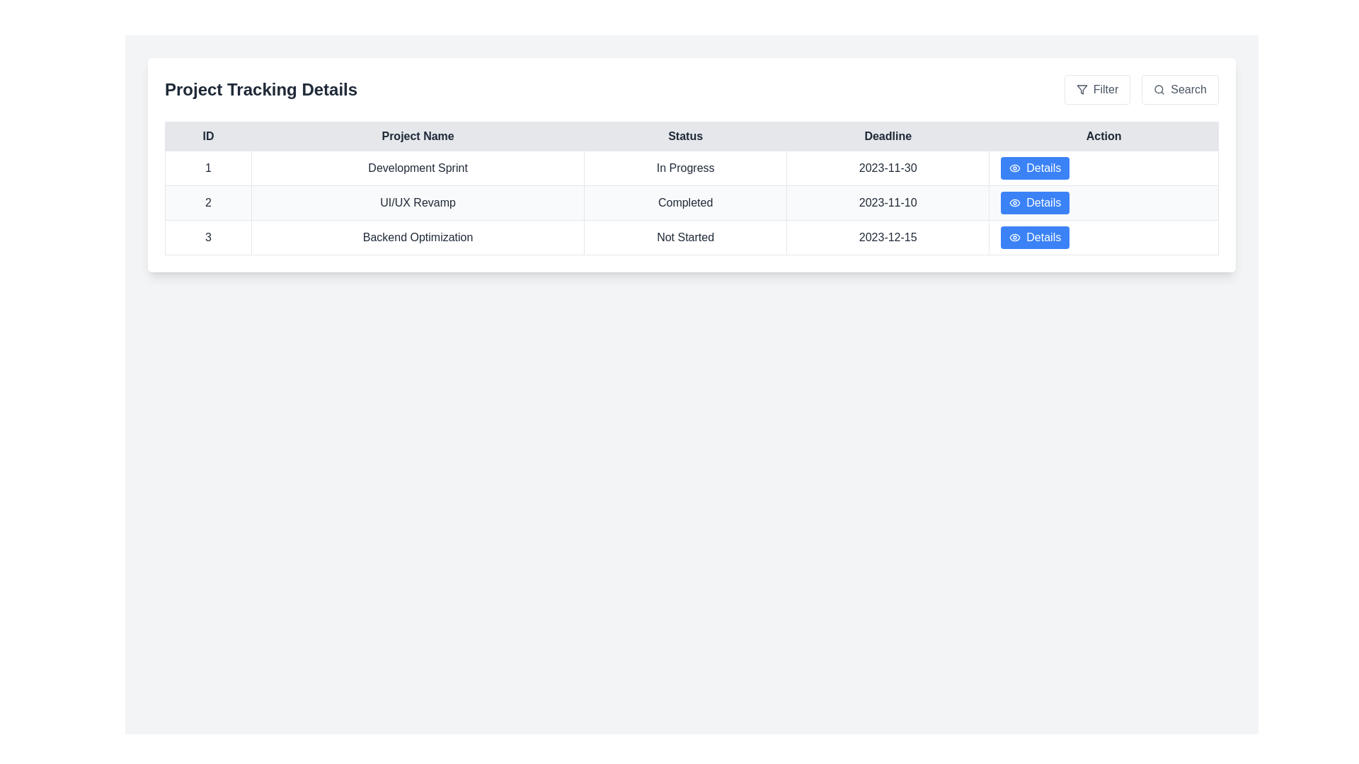 Image resolution: width=1359 pixels, height=764 pixels. Describe the element at coordinates (1096, 90) in the screenshot. I see `the 'Filter' button, which is located in the upper right part of the interface, styled with a gray color scheme and a bordered, rounded rectangle` at that location.